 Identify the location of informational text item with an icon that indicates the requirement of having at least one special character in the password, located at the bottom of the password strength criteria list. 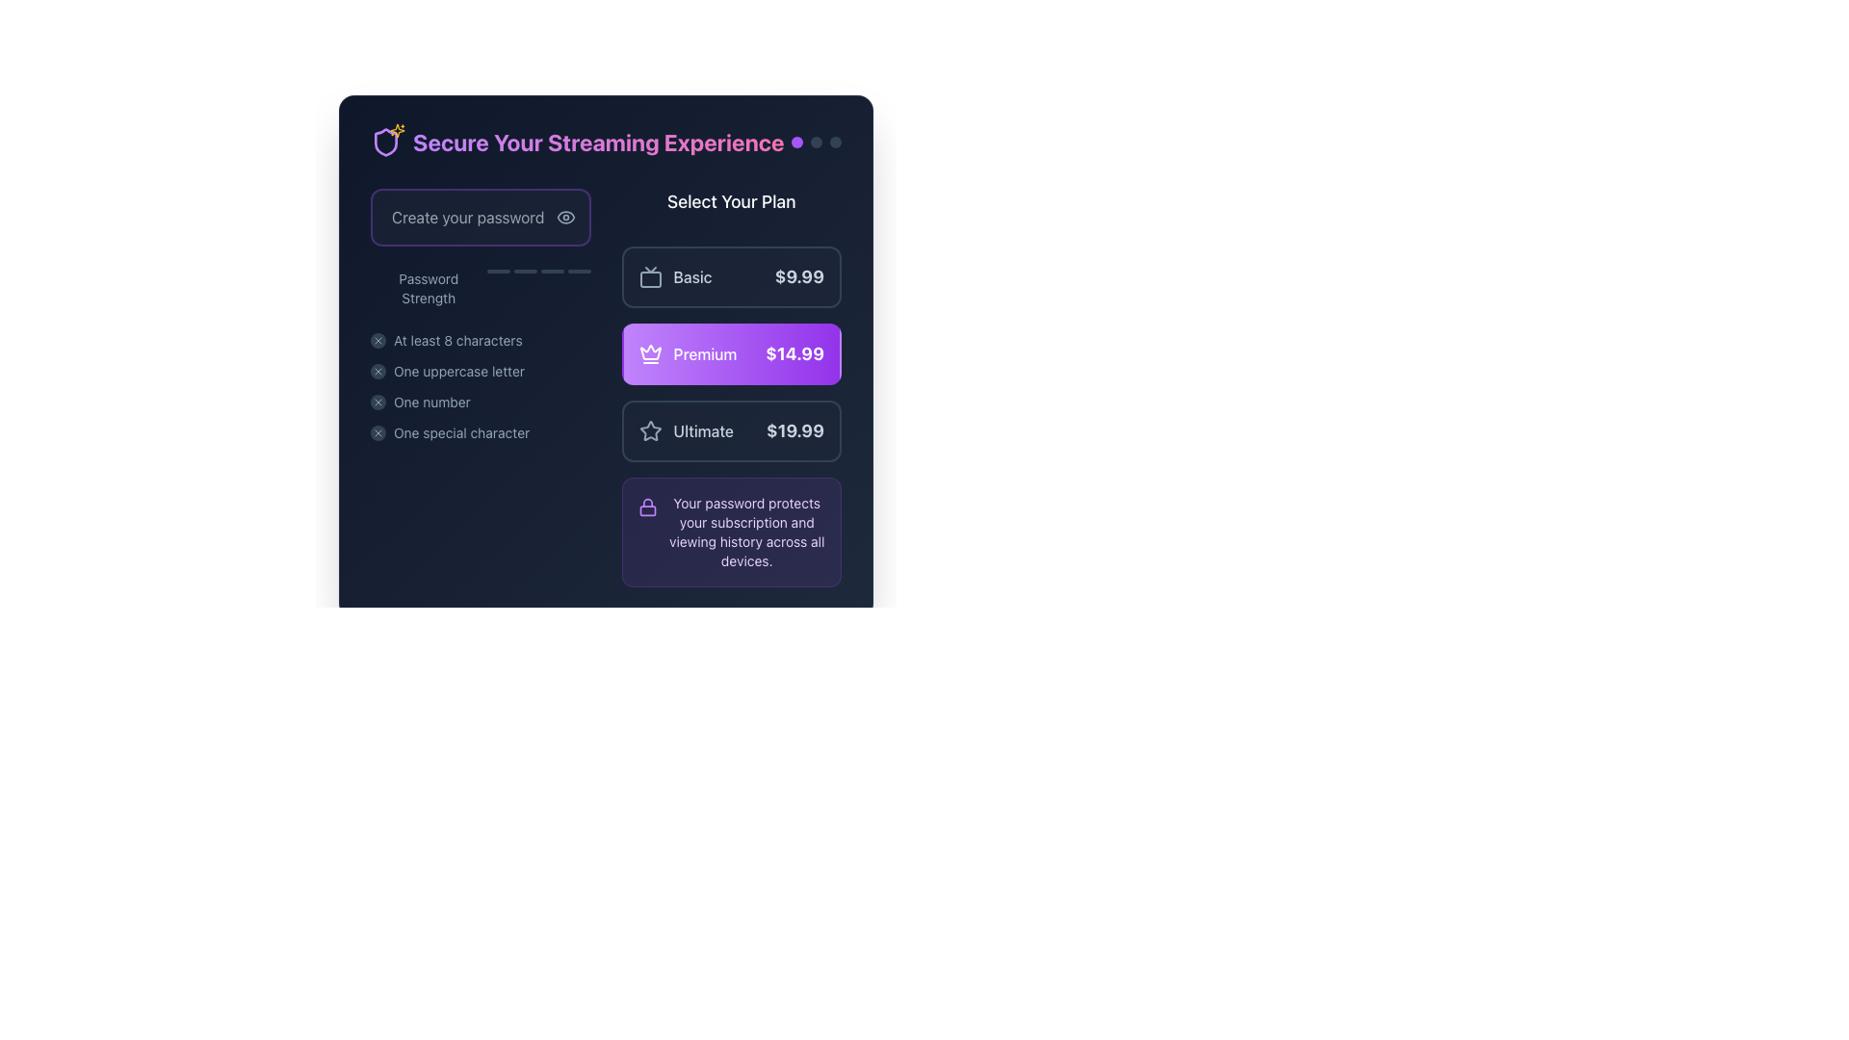
(481, 433).